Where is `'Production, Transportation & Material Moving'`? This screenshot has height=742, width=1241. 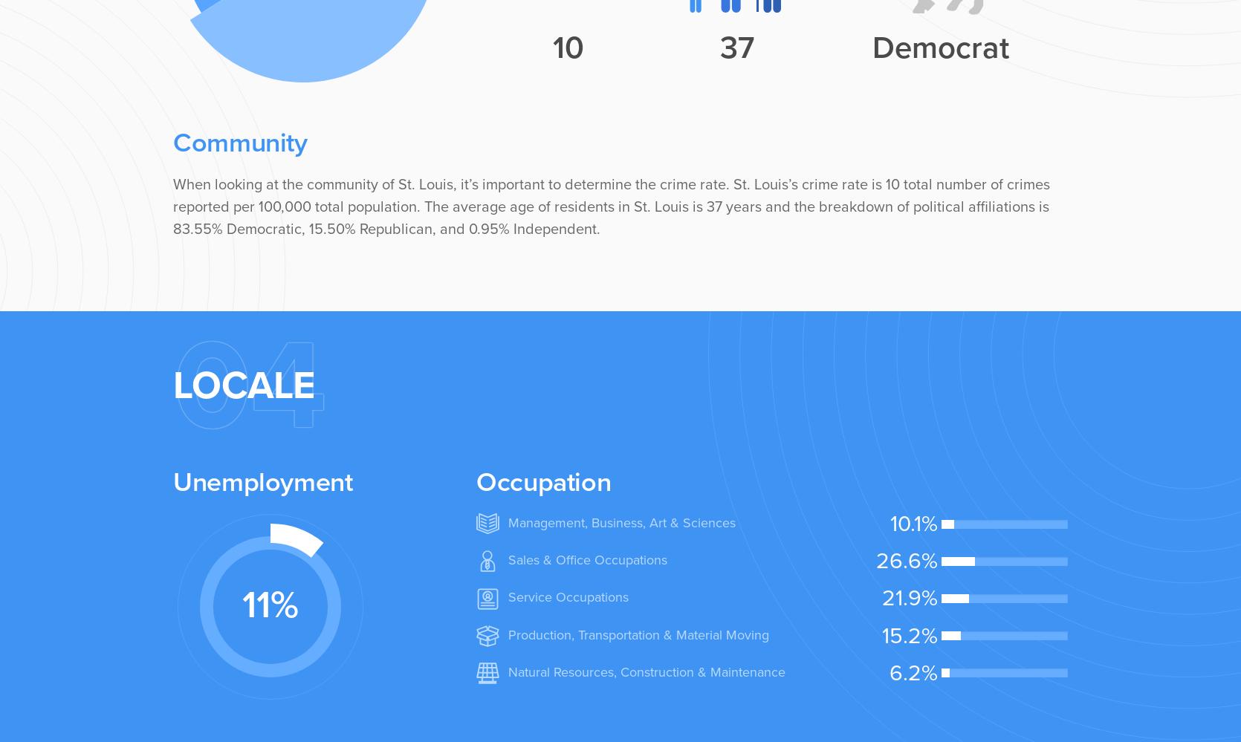 'Production, Transportation & Material Moving' is located at coordinates (637, 634).